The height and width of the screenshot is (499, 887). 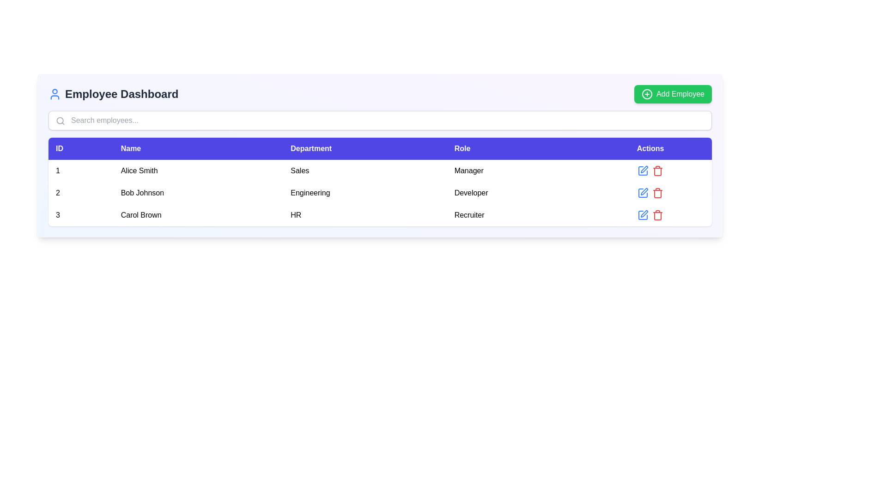 I want to click on the edit button for 'Alice Smith' in the Actions column of the first row to change its appearance, so click(x=643, y=171).